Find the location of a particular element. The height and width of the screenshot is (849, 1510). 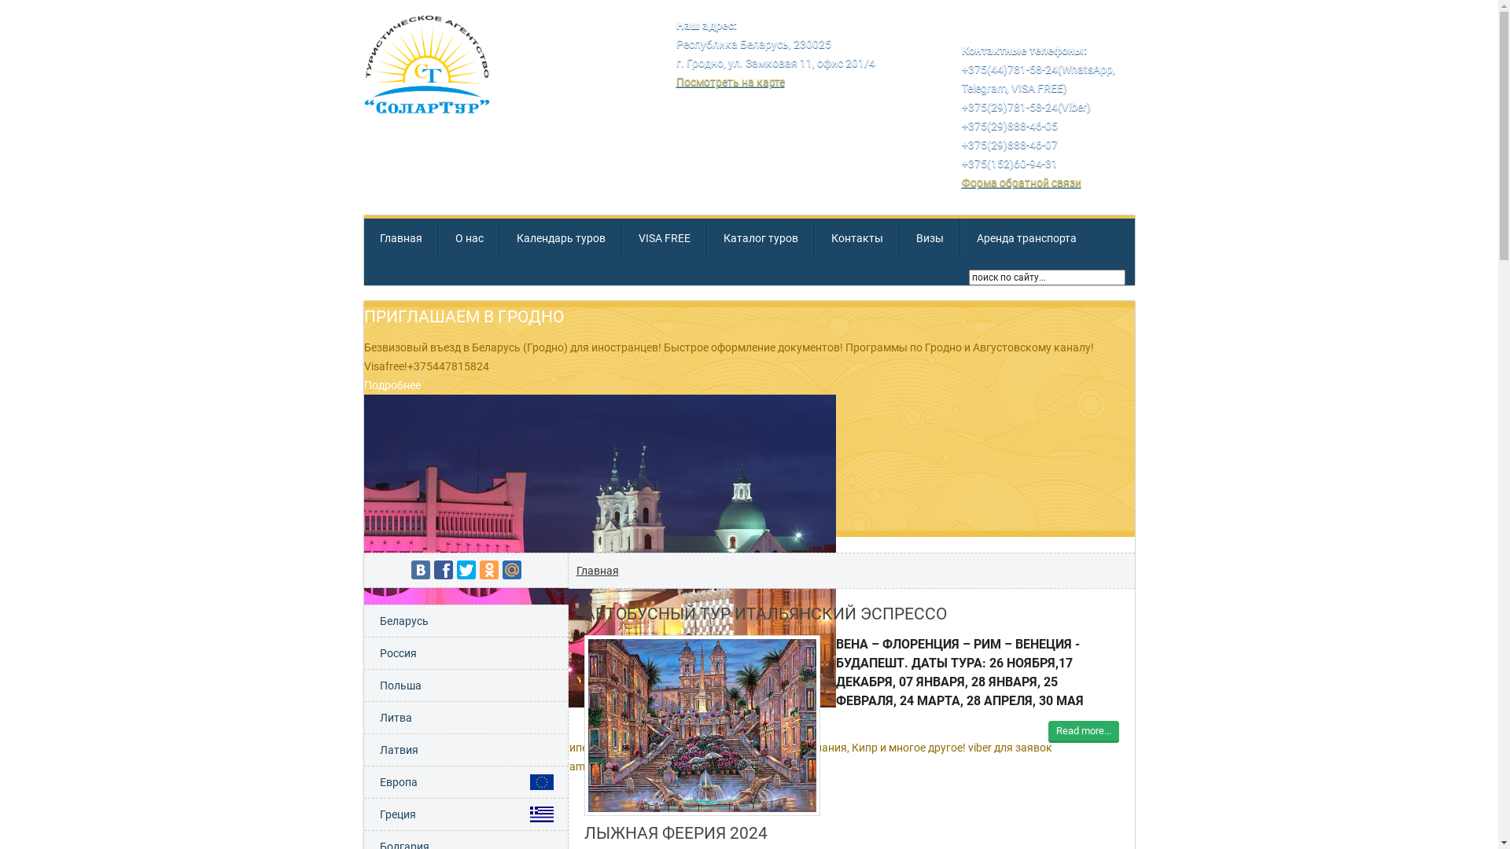

'Read more...' is located at coordinates (1047, 731).